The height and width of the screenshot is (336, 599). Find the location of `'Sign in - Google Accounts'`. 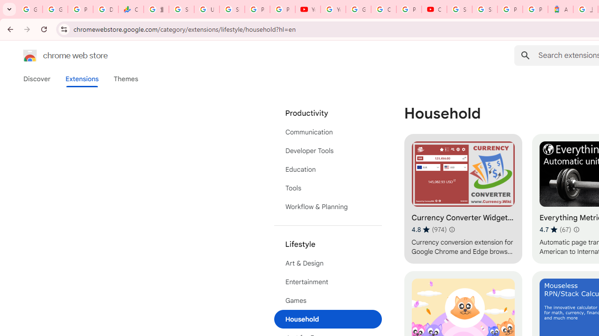

'Sign in - Google Accounts' is located at coordinates (485, 9).